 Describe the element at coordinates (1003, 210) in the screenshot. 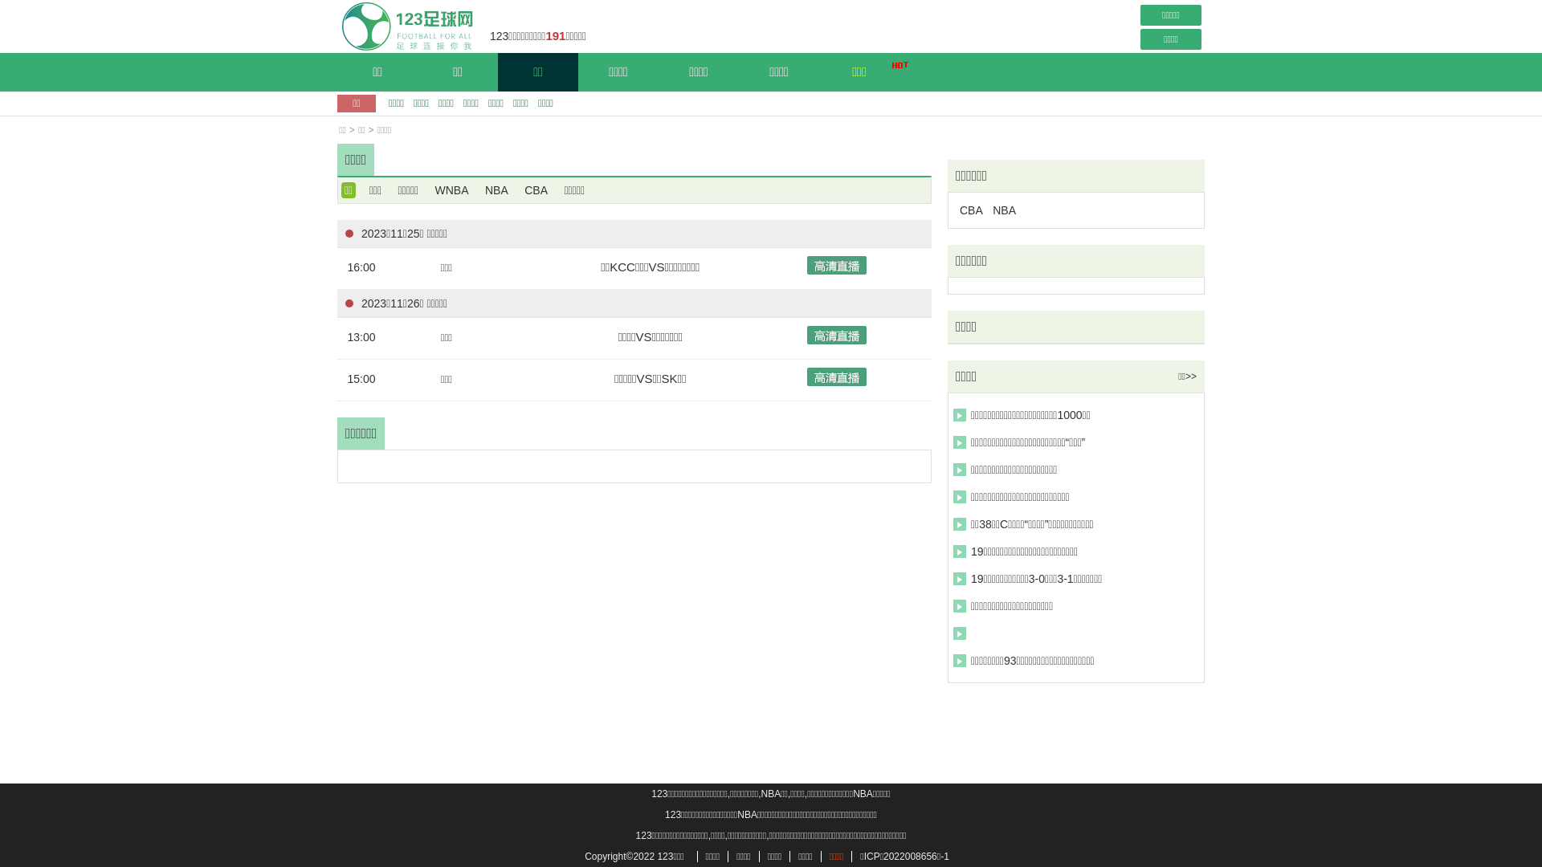

I see `'NBA'` at that location.